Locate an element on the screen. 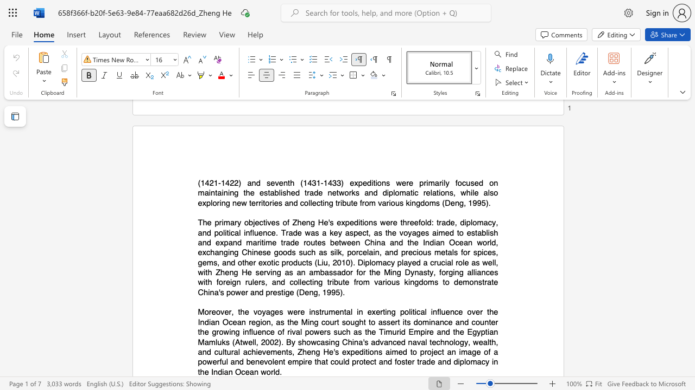  the subset text "echnology, wealth, and cultural achievements, Zheng He" within the text "China" is located at coordinates (431, 342).